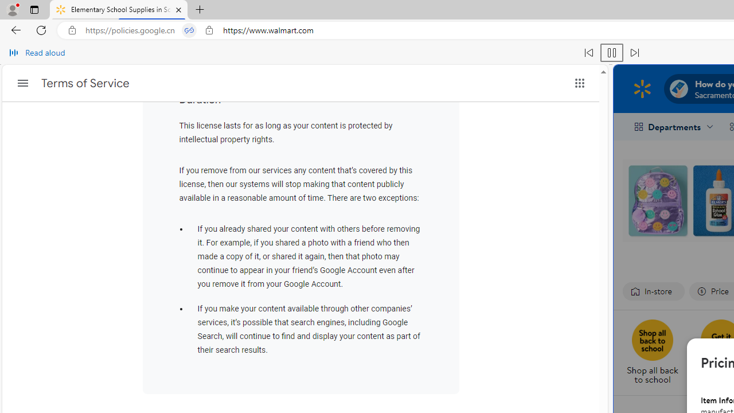 Image resolution: width=734 pixels, height=413 pixels. I want to click on 'Tabs in split screen', so click(189, 30).